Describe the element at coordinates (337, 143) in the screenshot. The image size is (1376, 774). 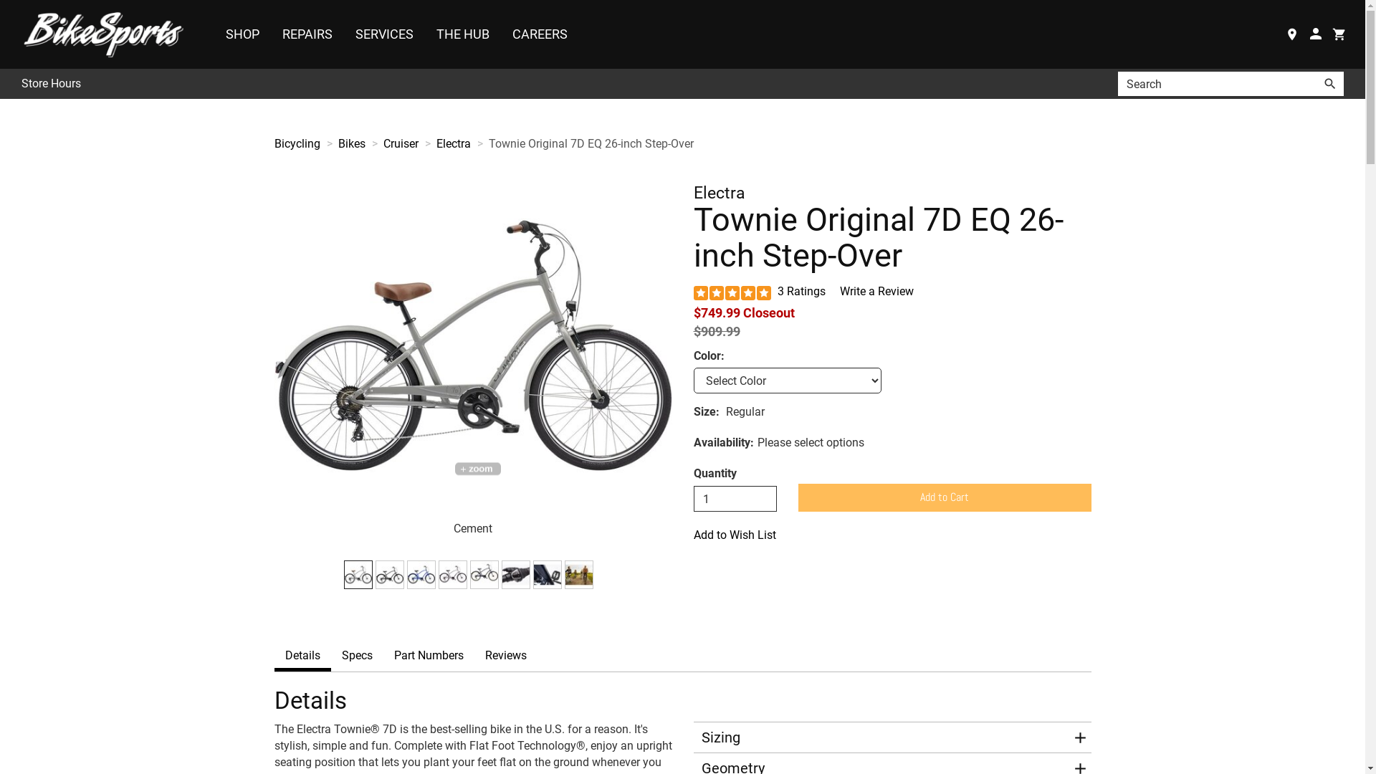
I see `'Bikes'` at that location.